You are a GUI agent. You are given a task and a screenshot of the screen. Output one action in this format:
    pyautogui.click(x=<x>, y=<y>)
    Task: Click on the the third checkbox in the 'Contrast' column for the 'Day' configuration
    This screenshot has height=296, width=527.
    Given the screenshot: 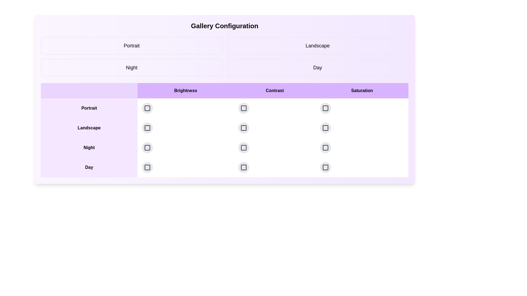 What is the action you would take?
    pyautogui.click(x=243, y=167)
    